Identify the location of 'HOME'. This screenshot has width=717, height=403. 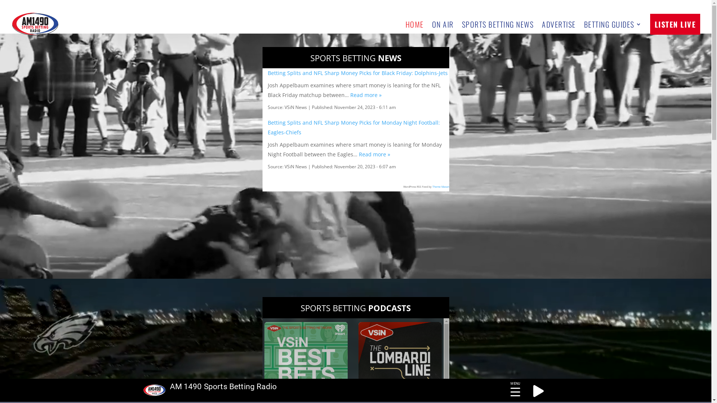
(414, 24).